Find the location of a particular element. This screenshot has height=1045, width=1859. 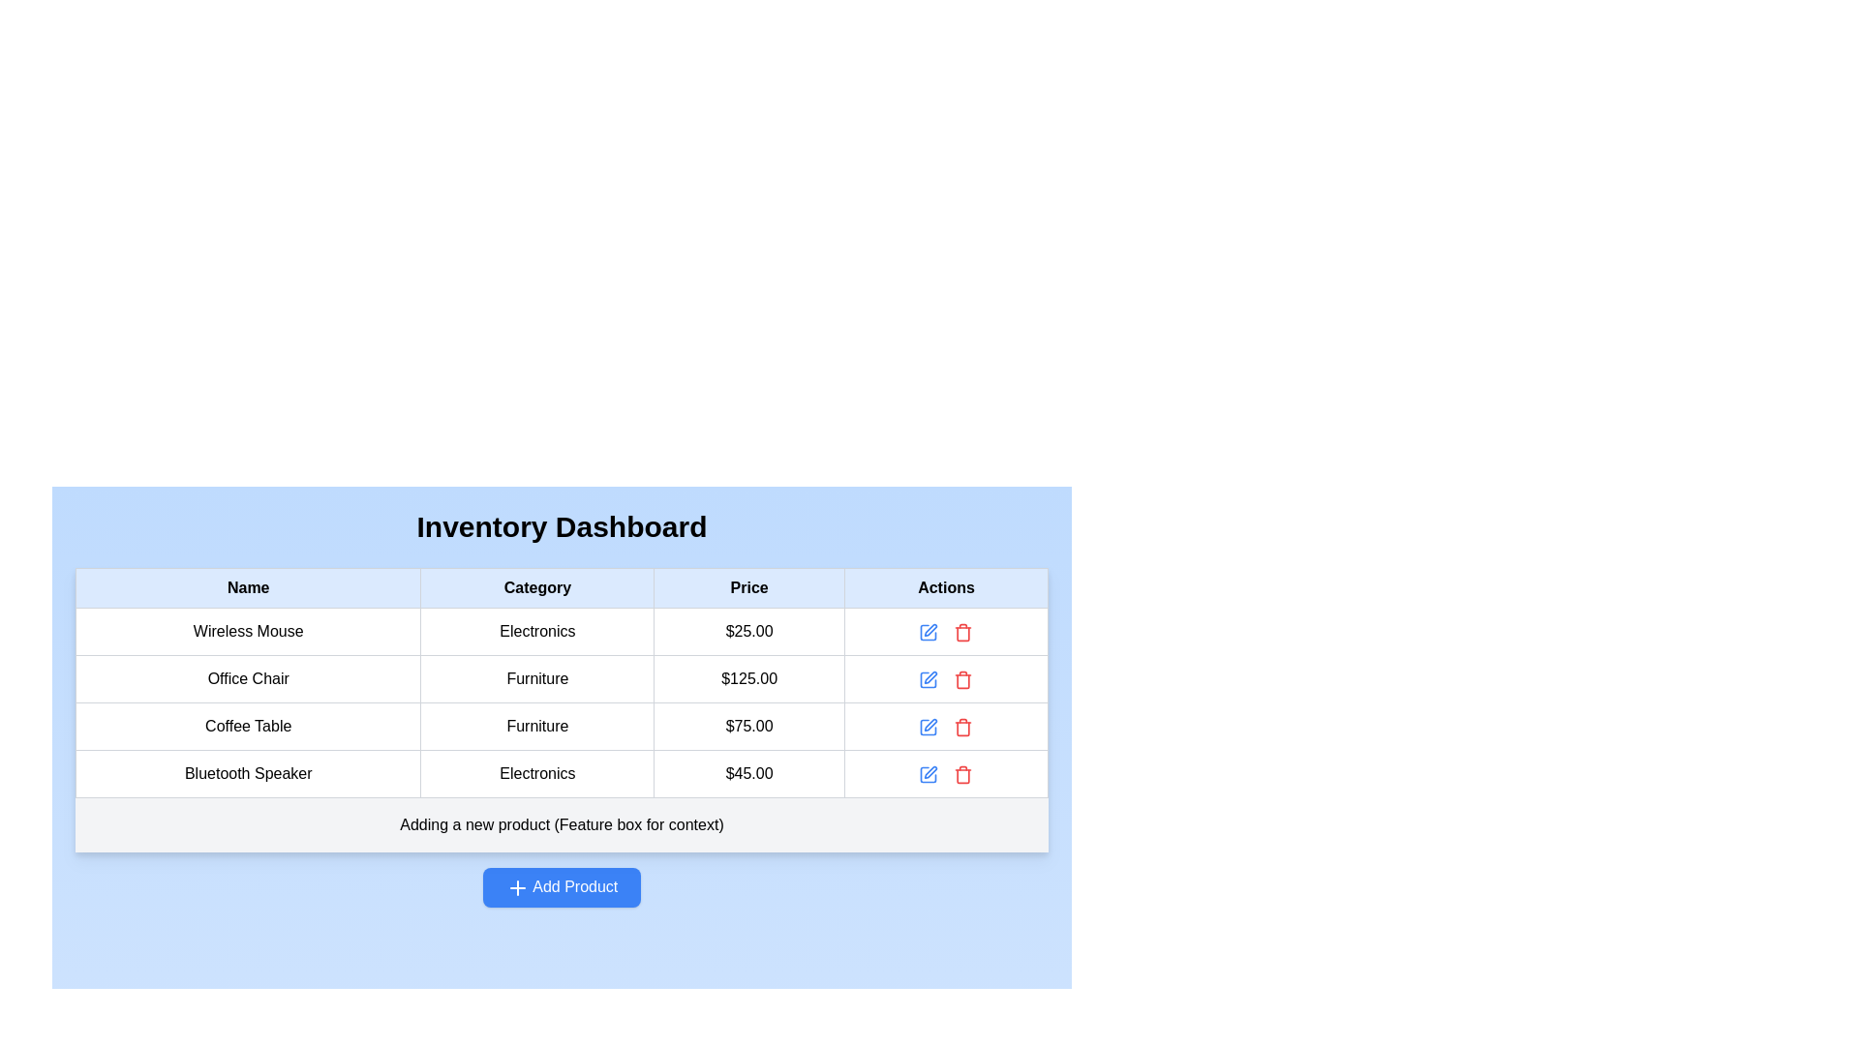

the 'Name' table header cell is located at coordinates (247, 587).